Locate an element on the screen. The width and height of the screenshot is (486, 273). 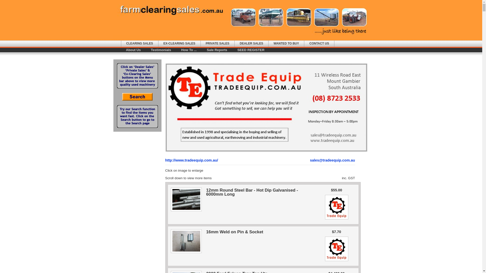
'Sale Reports' is located at coordinates (217, 50).